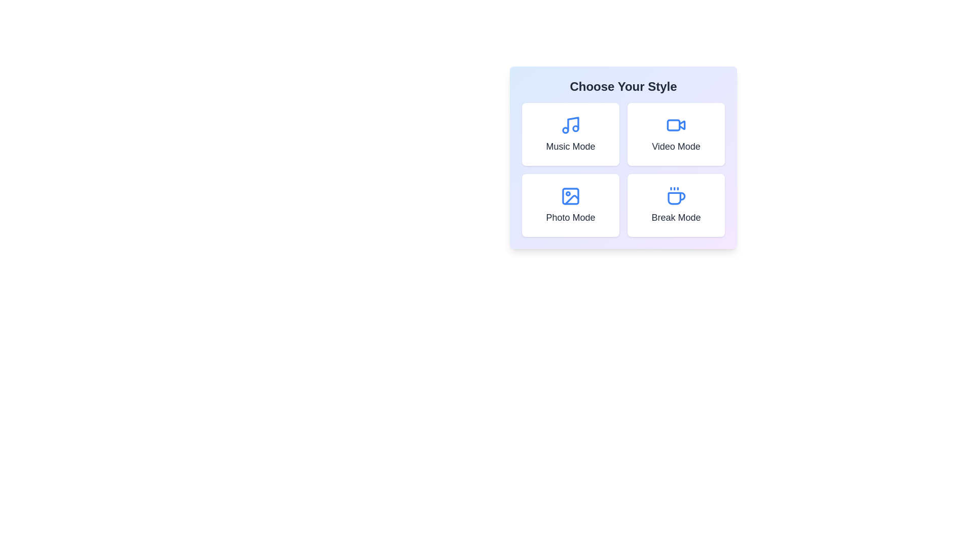  I want to click on the button labeled Video Mode to trigger additional actions, so click(676, 134).